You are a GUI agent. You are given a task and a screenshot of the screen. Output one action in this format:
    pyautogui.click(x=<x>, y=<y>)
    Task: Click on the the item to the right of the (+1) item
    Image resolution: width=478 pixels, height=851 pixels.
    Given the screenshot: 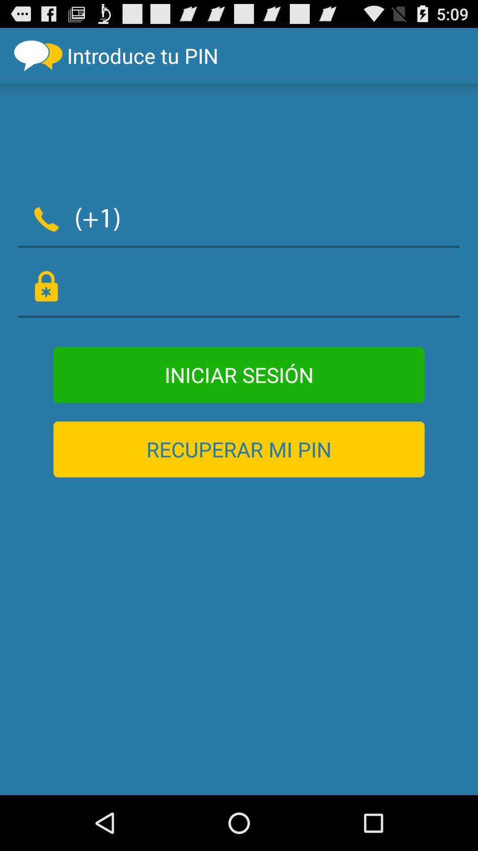 What is the action you would take?
    pyautogui.click(x=296, y=217)
    